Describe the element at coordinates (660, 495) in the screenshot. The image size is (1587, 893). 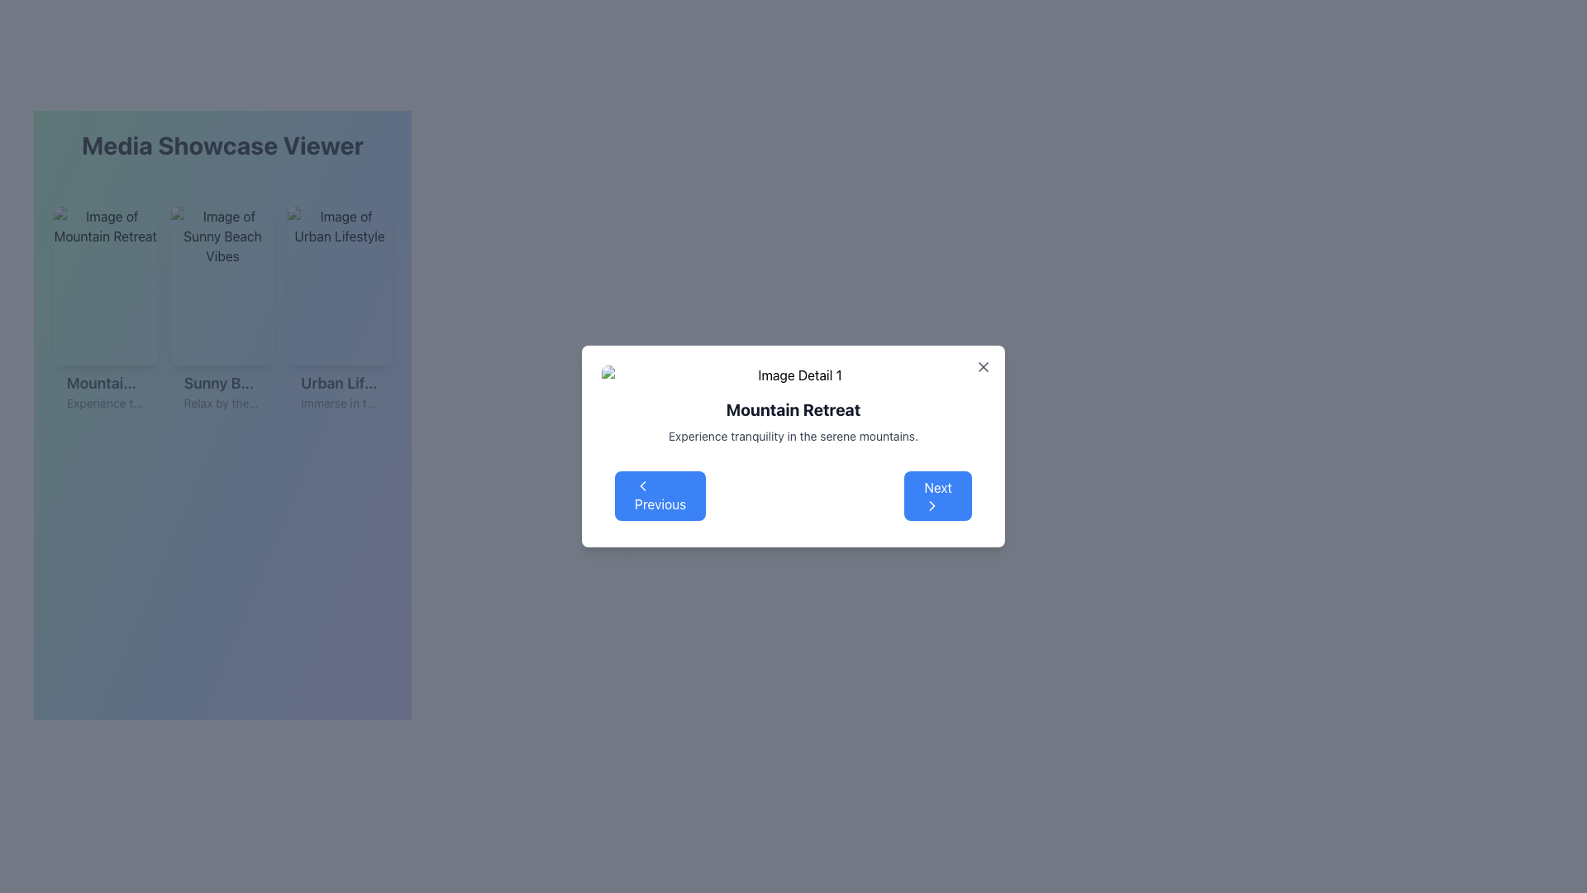
I see `the 'Previous' button located at the bottom left of the modal dialog box` at that location.